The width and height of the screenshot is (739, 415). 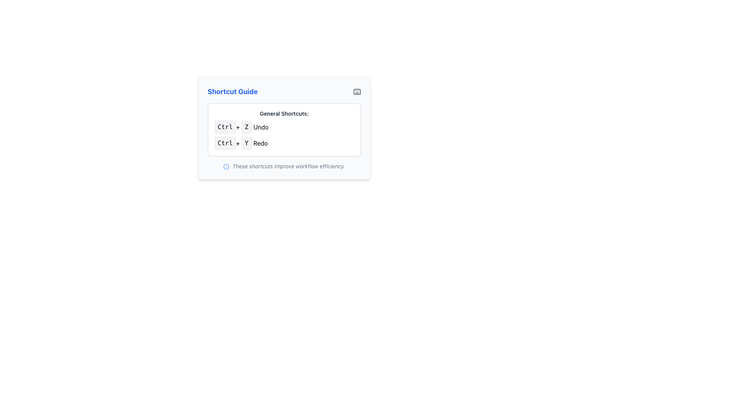 What do you see at coordinates (224, 143) in the screenshot?
I see `the 'Ctrl' button-like text label in the lower section of the 'Shortcut Guide' card, which is part of the 'Ctrl + Y Redo' shortcut description` at bounding box center [224, 143].